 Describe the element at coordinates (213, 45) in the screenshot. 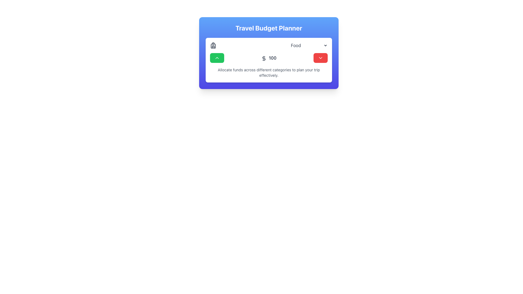

I see `the decorative travel budgeting icon located to the left of the 'Food' label in the 'Travel Budget Planner' section` at that location.